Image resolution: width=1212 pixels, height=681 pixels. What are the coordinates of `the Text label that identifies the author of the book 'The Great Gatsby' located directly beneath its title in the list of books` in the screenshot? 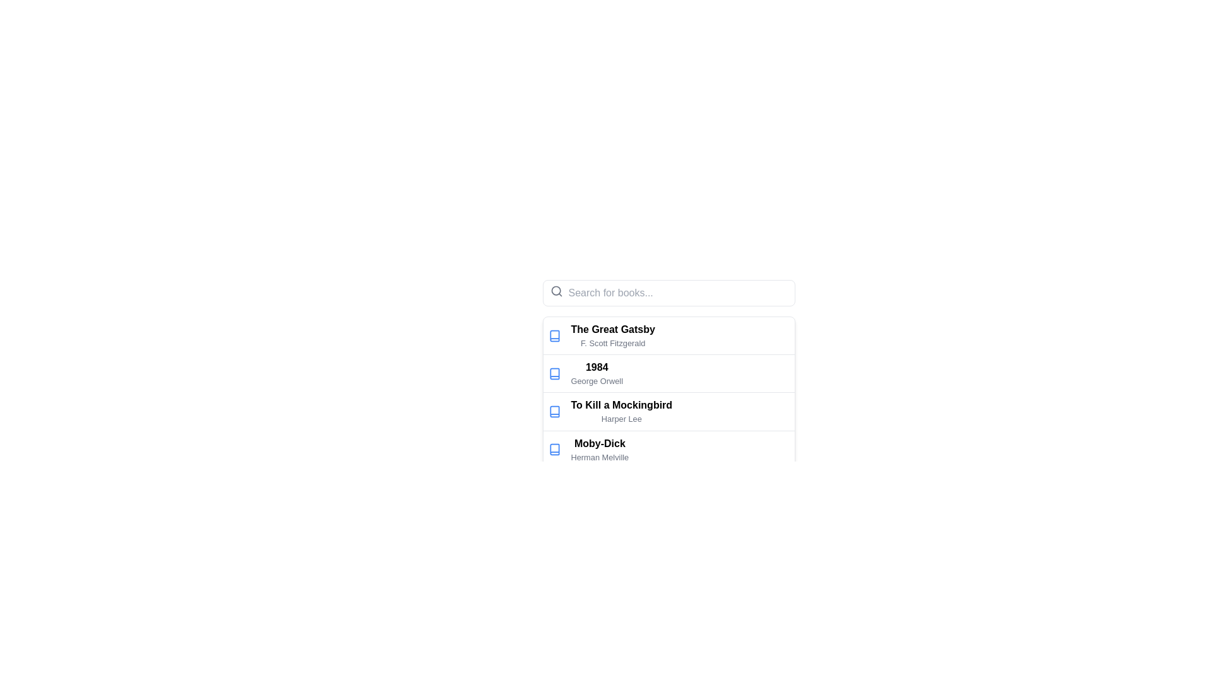 It's located at (613, 343).